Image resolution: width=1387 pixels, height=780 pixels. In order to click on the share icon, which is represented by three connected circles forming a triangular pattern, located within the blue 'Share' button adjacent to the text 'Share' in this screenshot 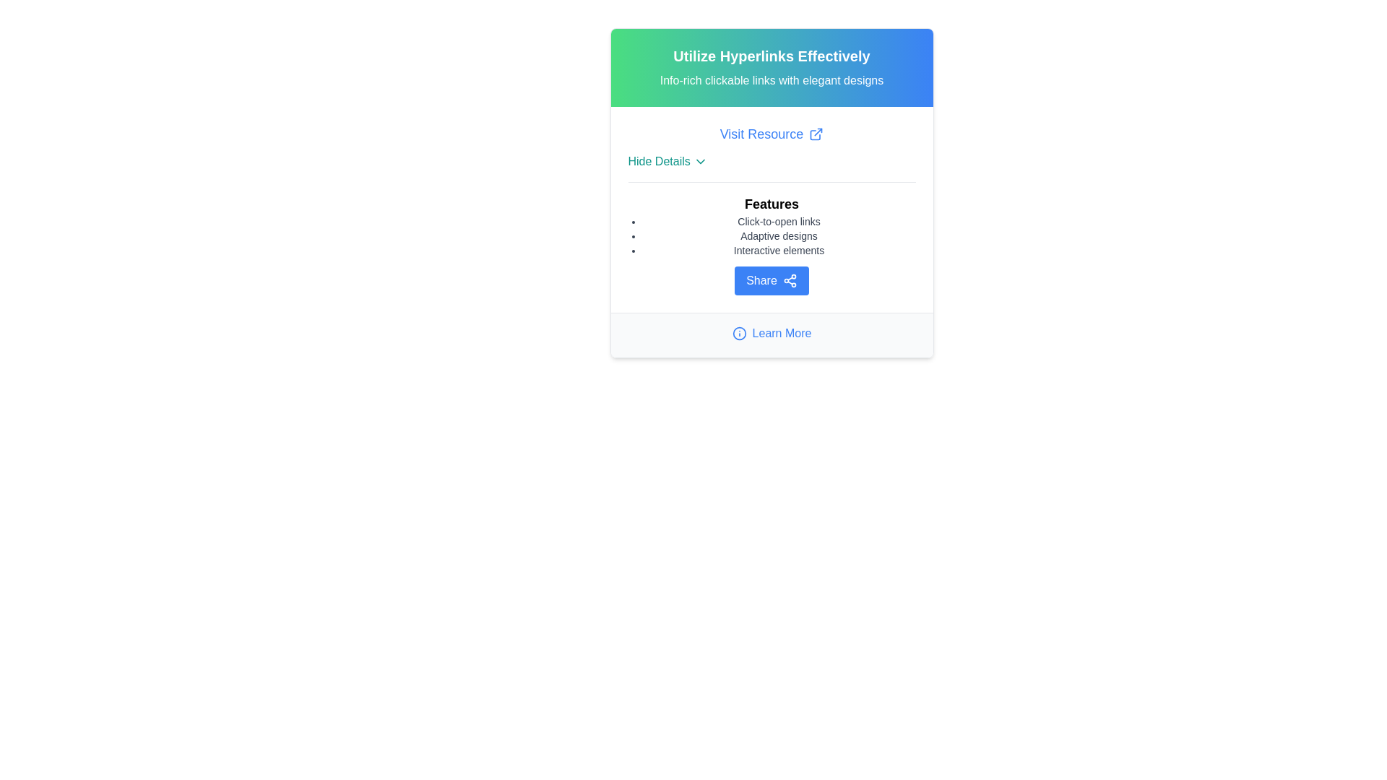, I will do `click(789, 281)`.